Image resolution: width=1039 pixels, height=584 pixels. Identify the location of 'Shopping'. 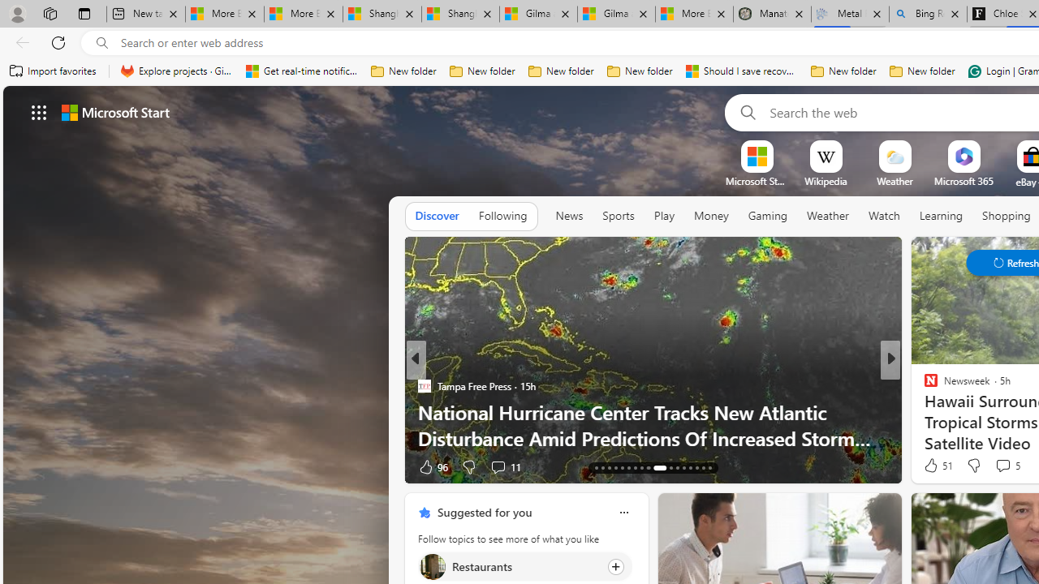
(1006, 215).